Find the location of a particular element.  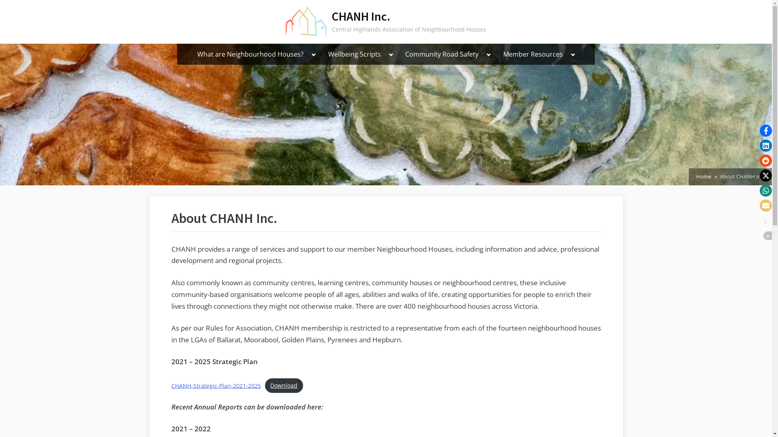

'Toggle sub-menu' is located at coordinates (483, 55).